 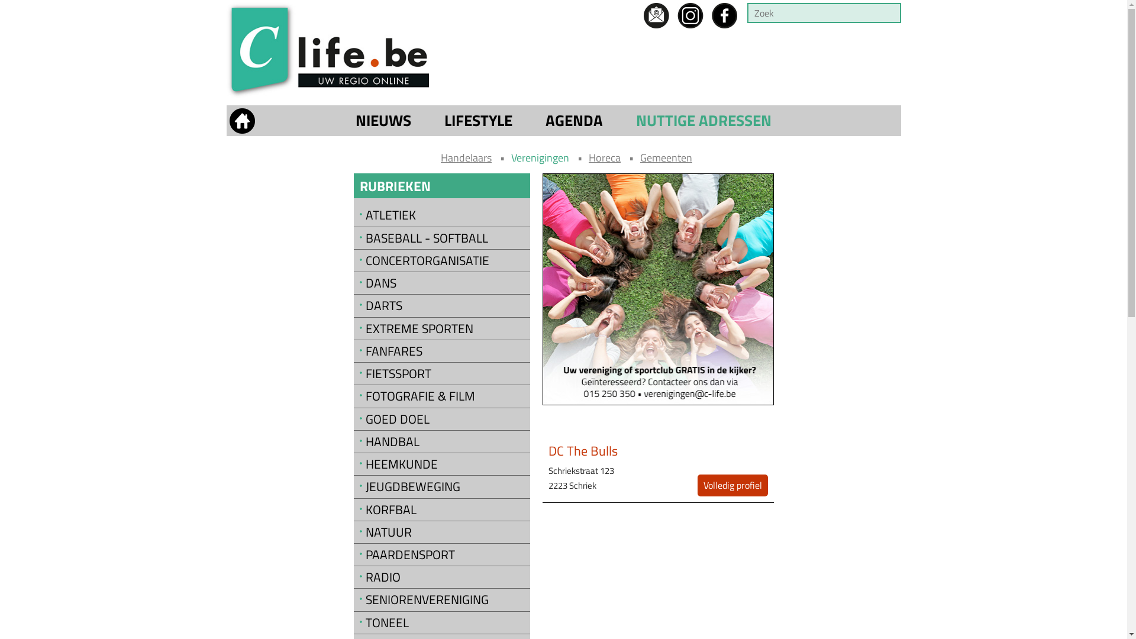 I want to click on 'HANDBAL', so click(x=444, y=441).